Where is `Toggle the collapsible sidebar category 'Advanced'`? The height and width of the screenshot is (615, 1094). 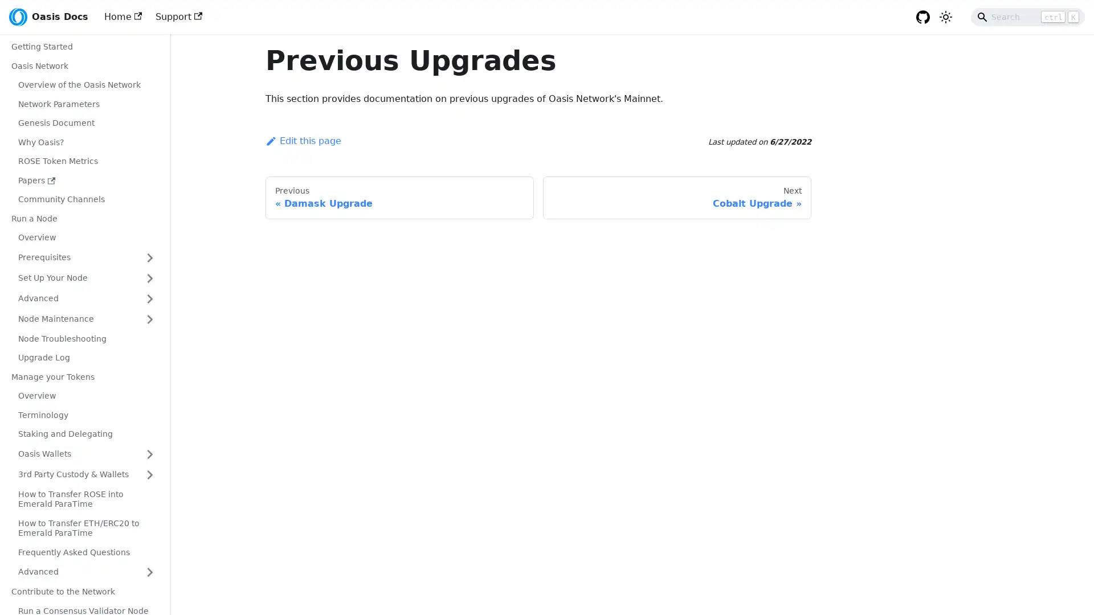 Toggle the collapsible sidebar category 'Advanced' is located at coordinates (149, 298).